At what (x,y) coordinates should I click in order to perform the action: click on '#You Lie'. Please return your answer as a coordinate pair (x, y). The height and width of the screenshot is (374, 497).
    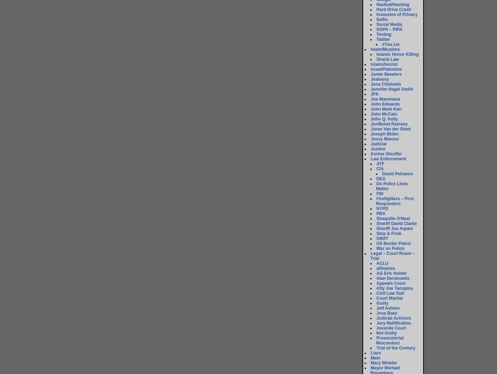
    Looking at the image, I should click on (382, 44).